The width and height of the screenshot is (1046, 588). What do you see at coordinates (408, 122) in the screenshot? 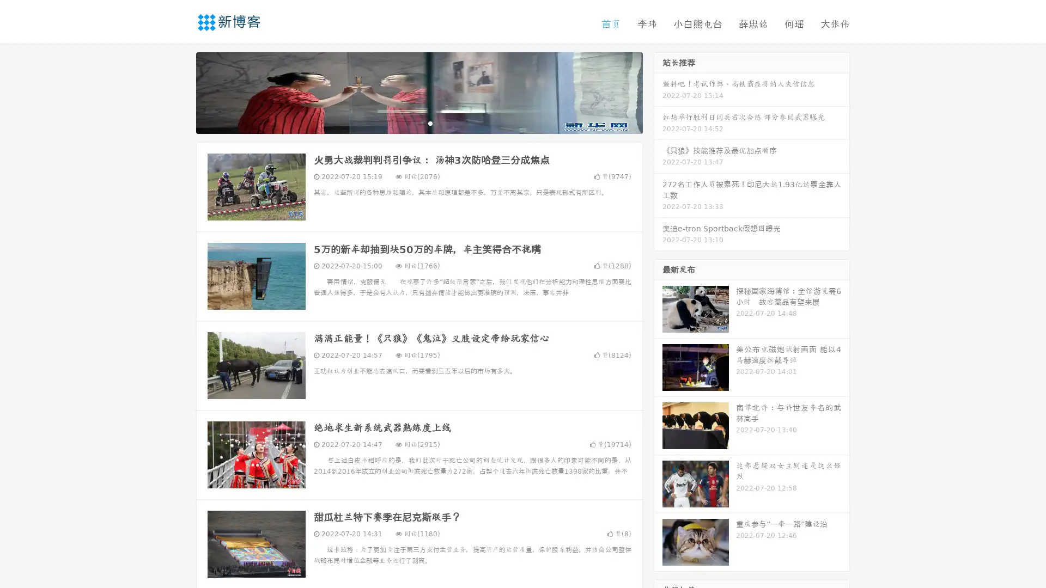
I see `Go to slide 1` at bounding box center [408, 122].